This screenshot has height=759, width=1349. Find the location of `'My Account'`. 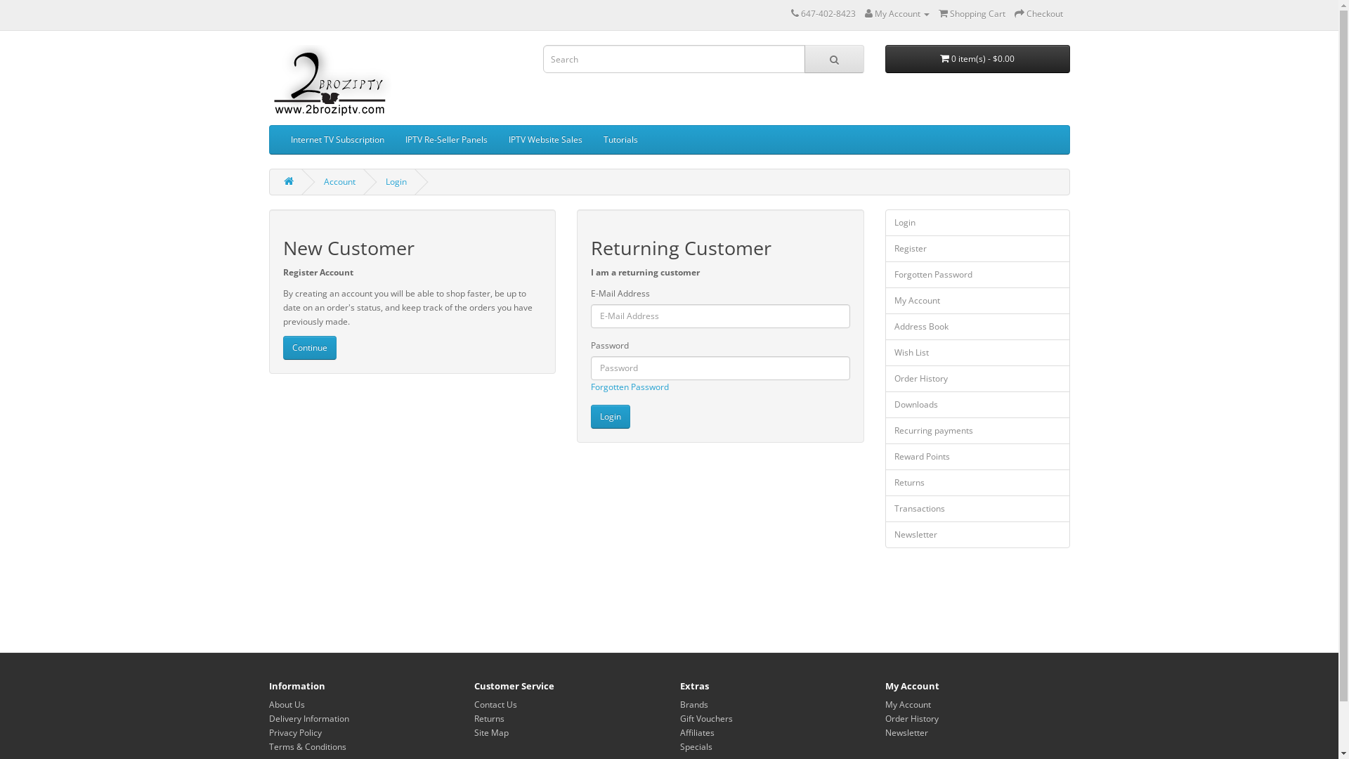

'My Account' is located at coordinates (884, 704).